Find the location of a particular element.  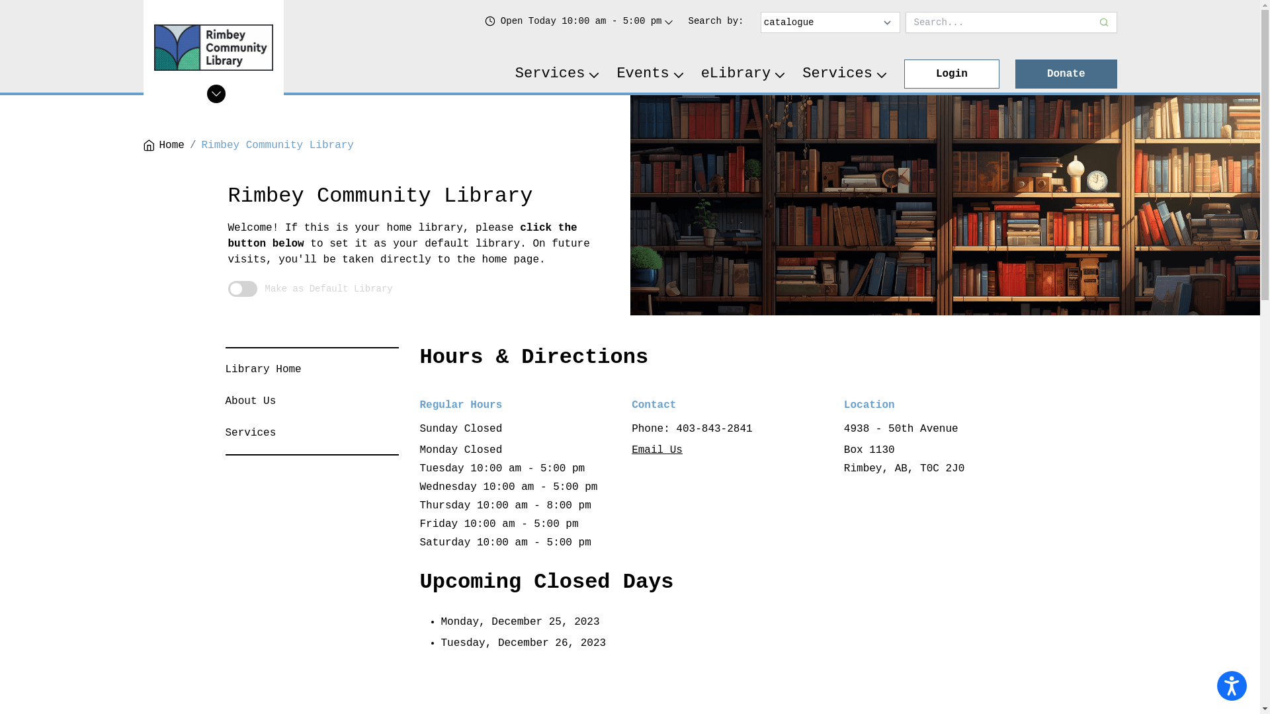

'Services' is located at coordinates (558, 73).